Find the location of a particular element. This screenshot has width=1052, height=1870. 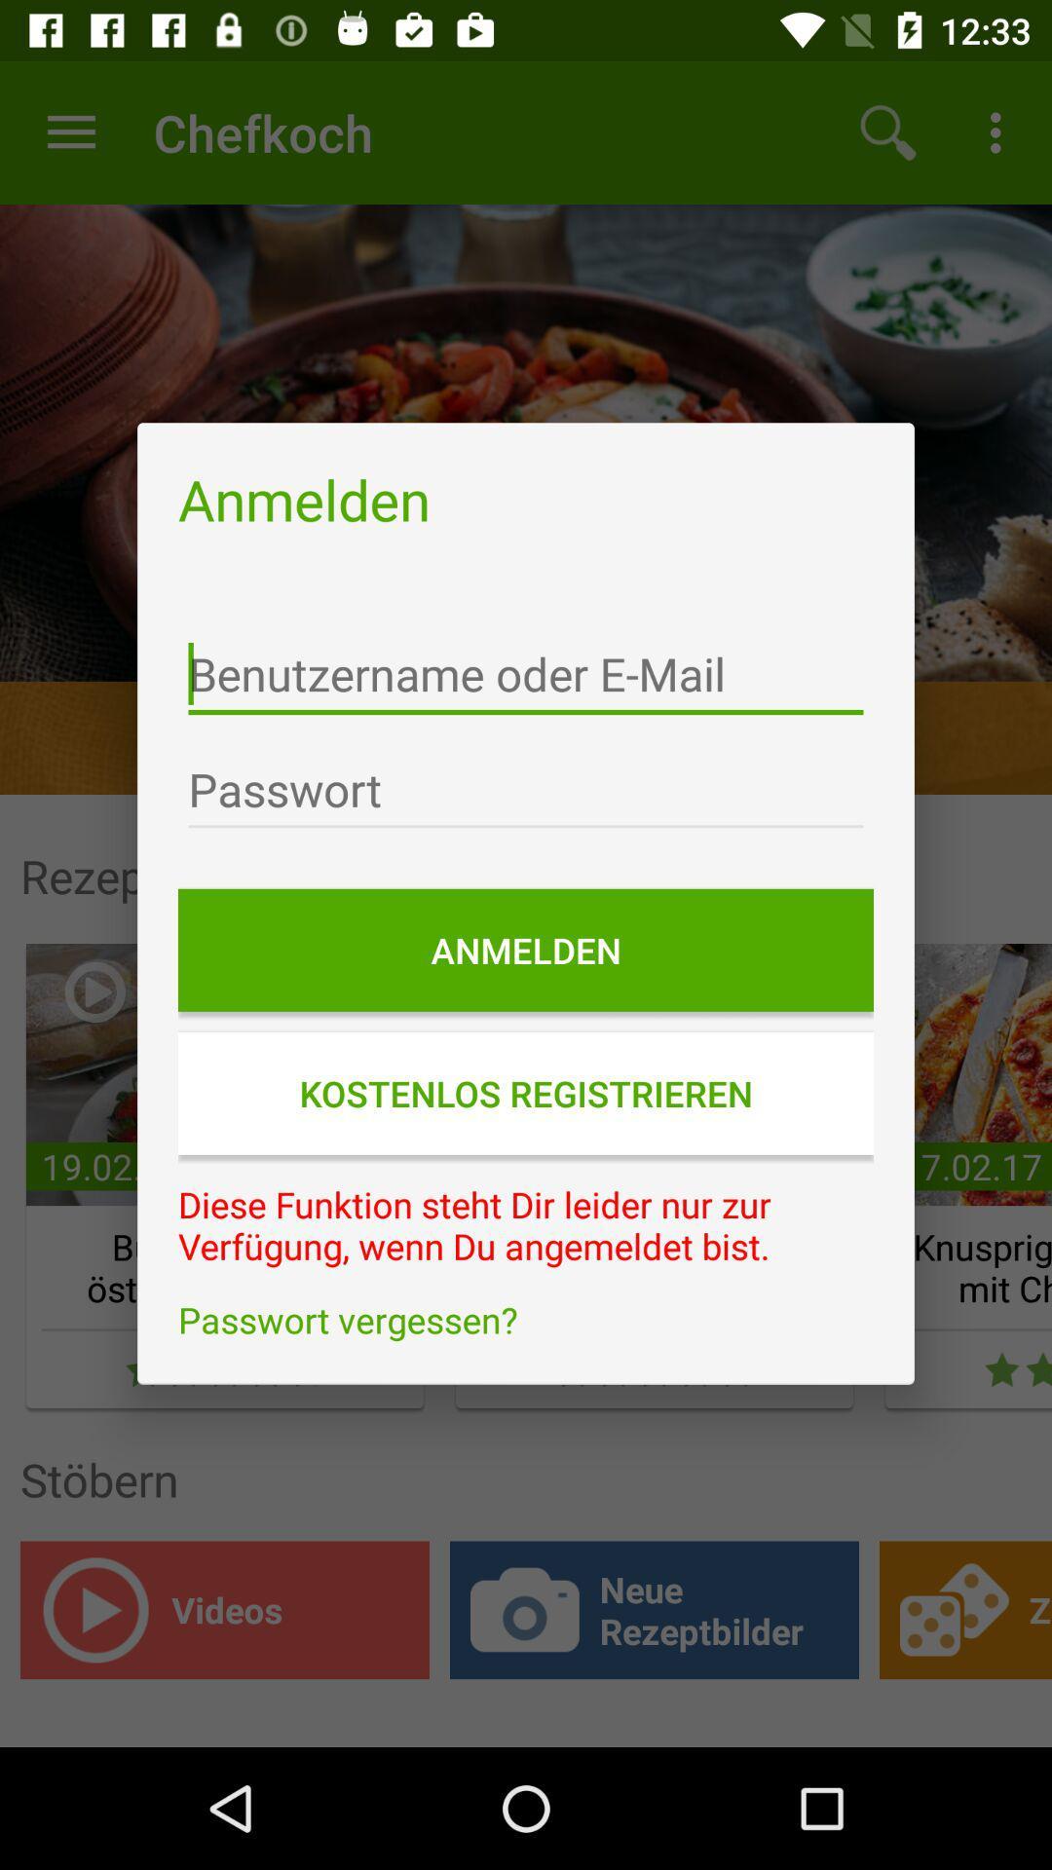

icon below the anmelden icon is located at coordinates (526, 1093).